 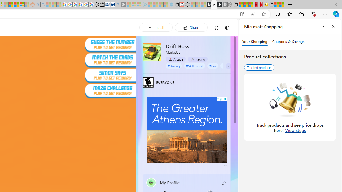 I want to click on 'Minimize', so click(x=311, y=4).